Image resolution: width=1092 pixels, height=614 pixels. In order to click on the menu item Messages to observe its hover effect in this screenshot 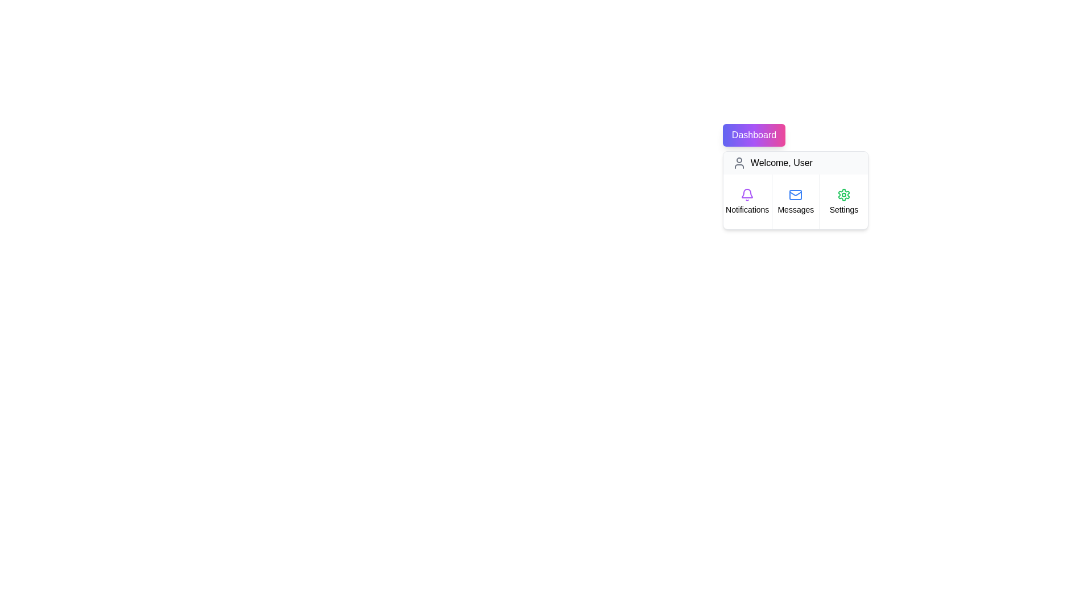, I will do `click(795, 201)`.